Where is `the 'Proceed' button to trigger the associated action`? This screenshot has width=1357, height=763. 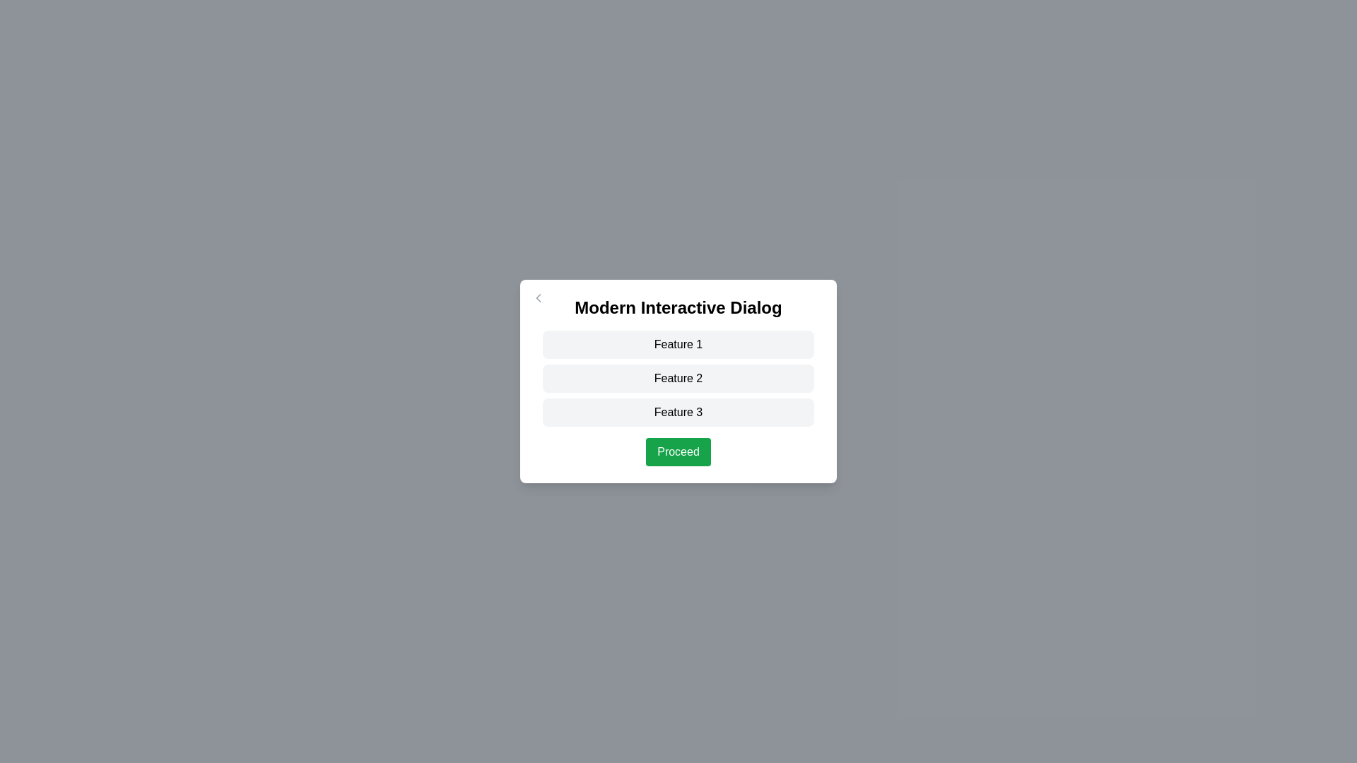 the 'Proceed' button to trigger the associated action is located at coordinates (678, 452).